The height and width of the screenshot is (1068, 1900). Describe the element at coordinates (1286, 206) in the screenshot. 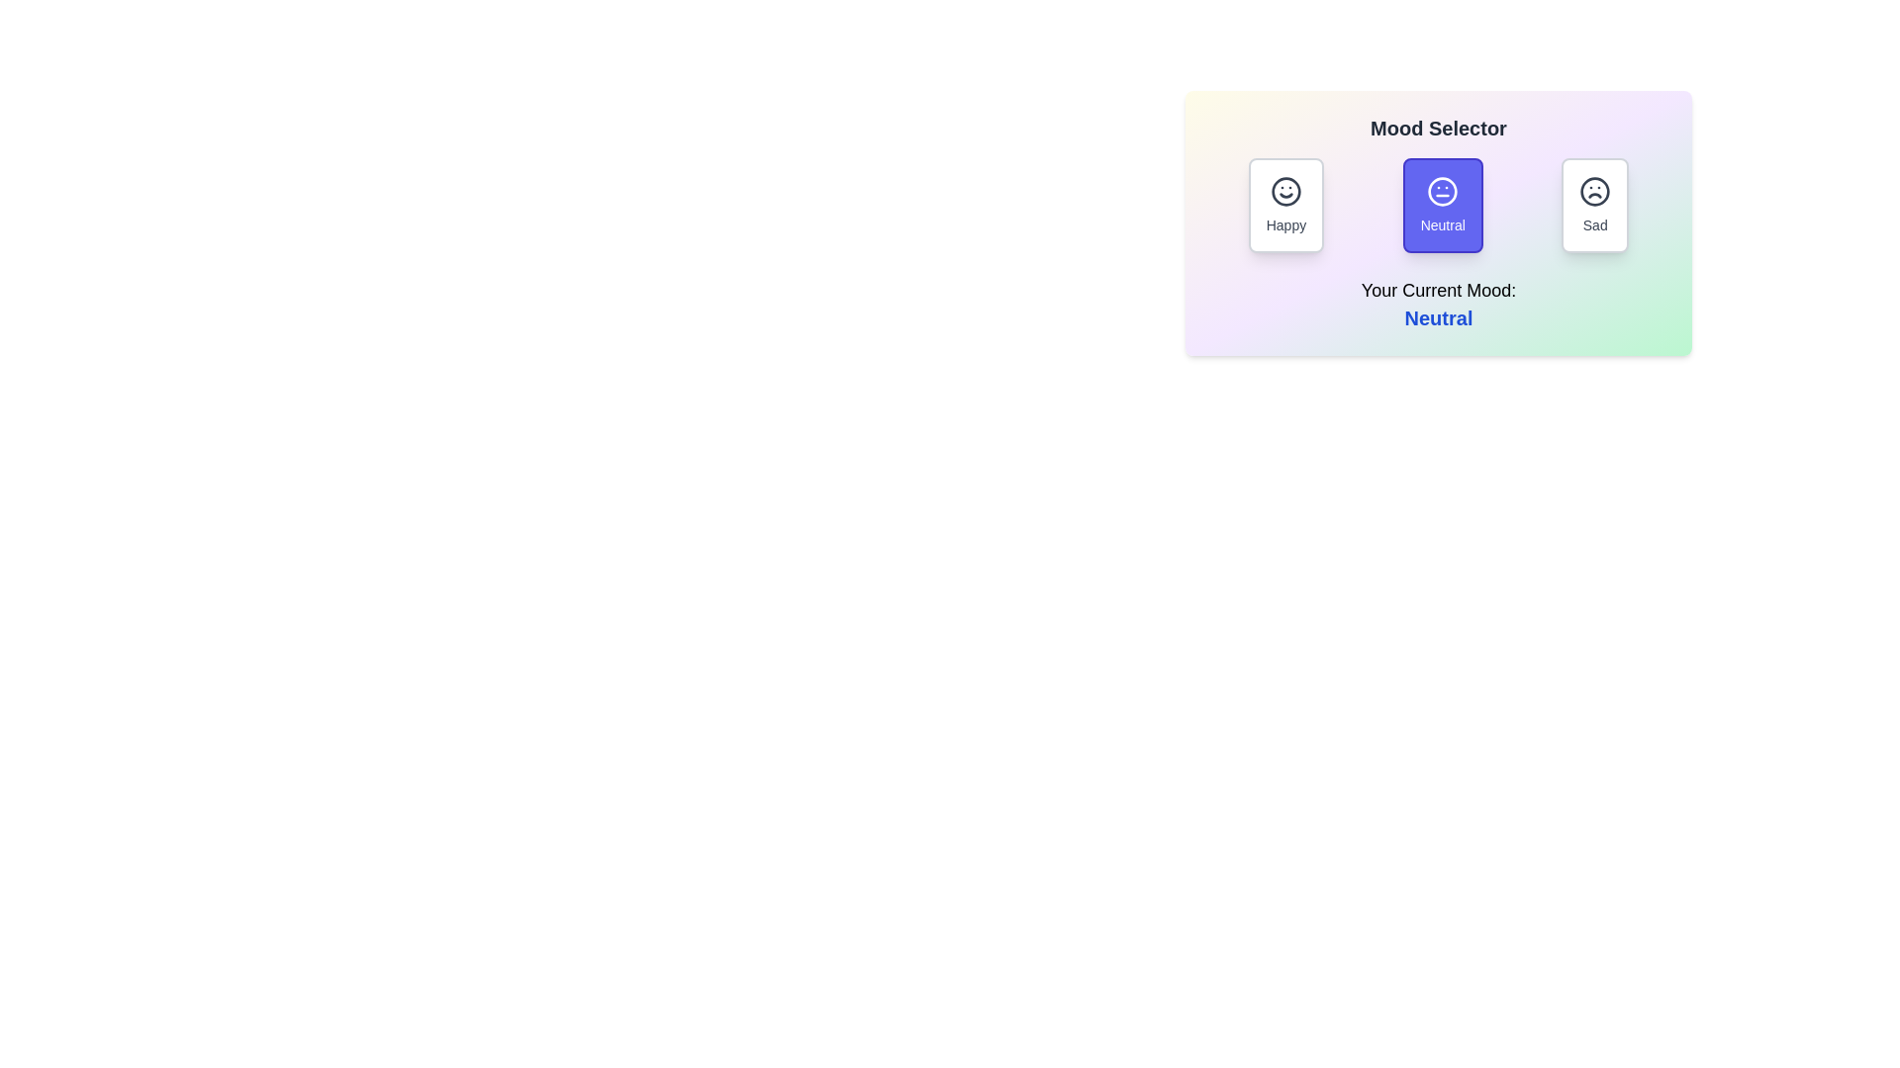

I see `the 'Happy' mood selection button located in the Mood Selector interface` at that location.